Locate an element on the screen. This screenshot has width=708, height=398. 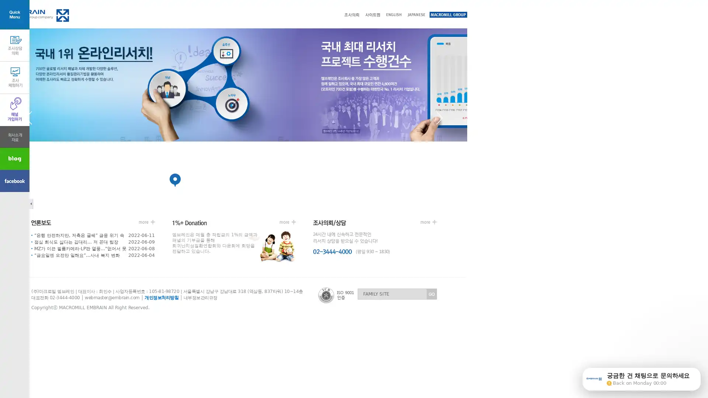
1 is located at coordinates (204, 180).